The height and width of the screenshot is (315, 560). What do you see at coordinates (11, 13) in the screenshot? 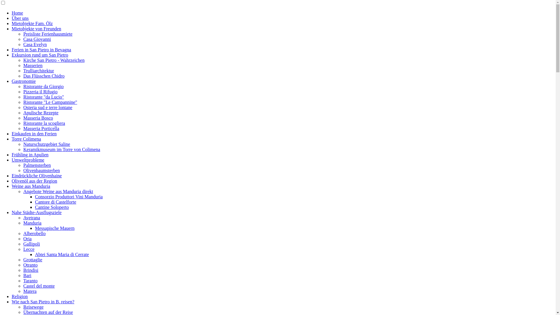
I see `'Home'` at bounding box center [11, 13].